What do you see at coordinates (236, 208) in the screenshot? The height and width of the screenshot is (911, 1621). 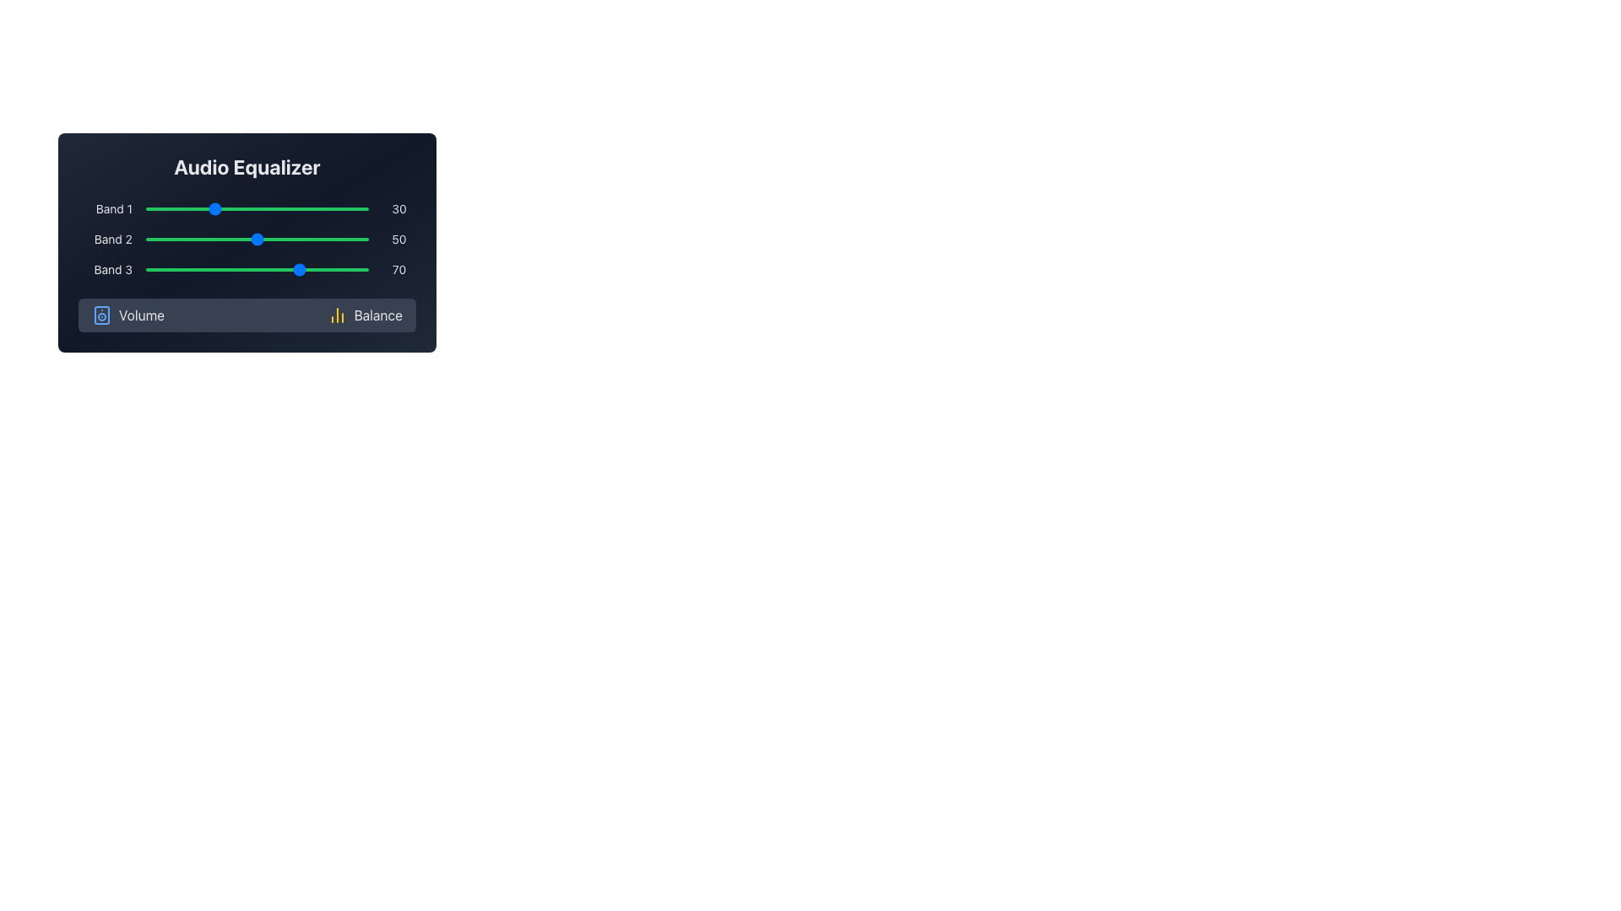 I see `Band 1 equalizer value` at bounding box center [236, 208].